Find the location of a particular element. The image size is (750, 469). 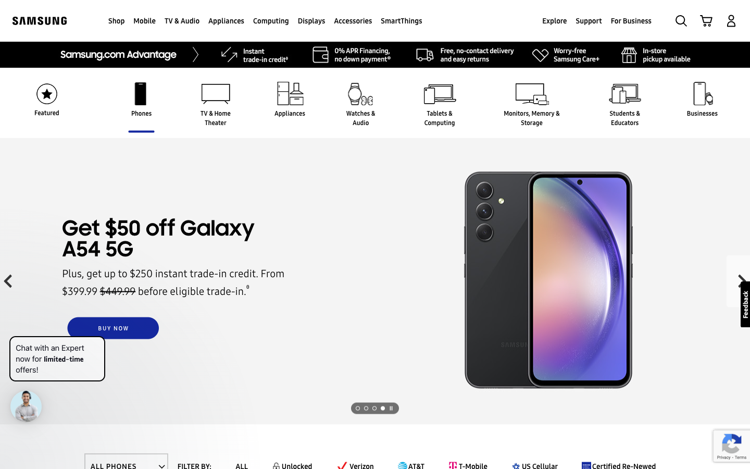

the forthcoming image view is located at coordinates (390, 408).